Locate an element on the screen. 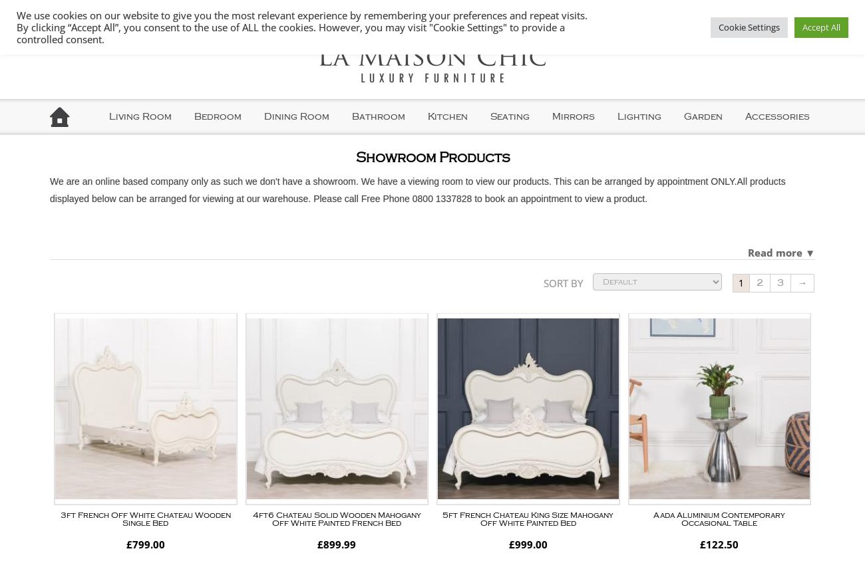 Image resolution: width=865 pixels, height=573 pixels. 'Aada Aluminium Contemporary Occasional Table' is located at coordinates (719, 518).